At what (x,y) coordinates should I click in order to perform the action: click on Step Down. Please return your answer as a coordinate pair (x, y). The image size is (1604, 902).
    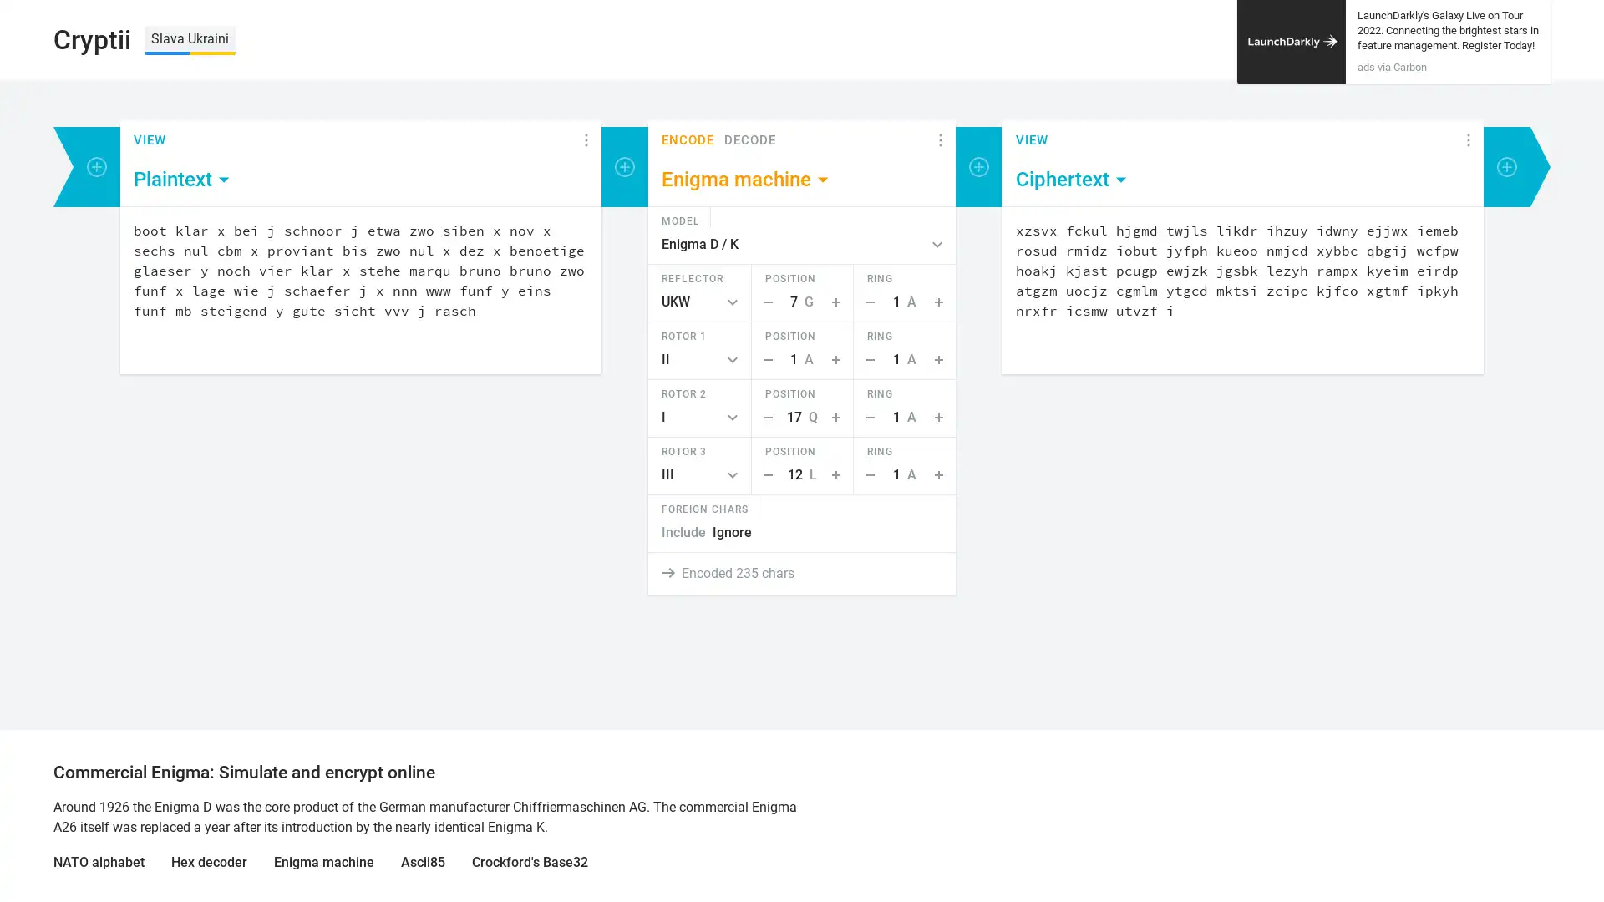
    Looking at the image, I should click on (764, 417).